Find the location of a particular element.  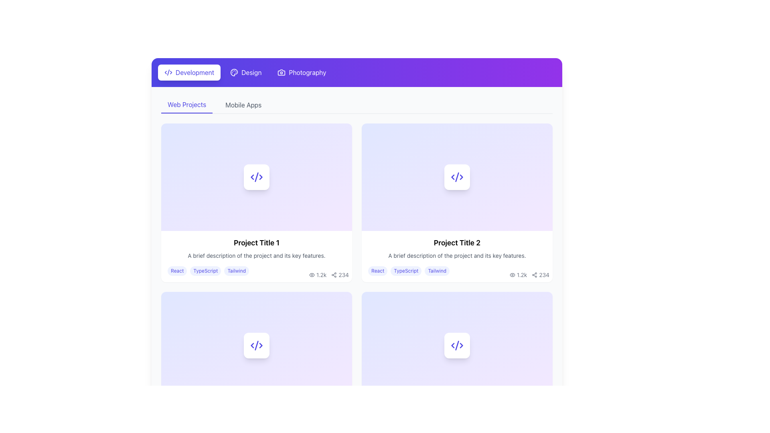

text content displayed in gray font that describes the project, located below the title 'Project Title 1' and above the tags in the upper-left area of the grid layout is located at coordinates (256, 255).